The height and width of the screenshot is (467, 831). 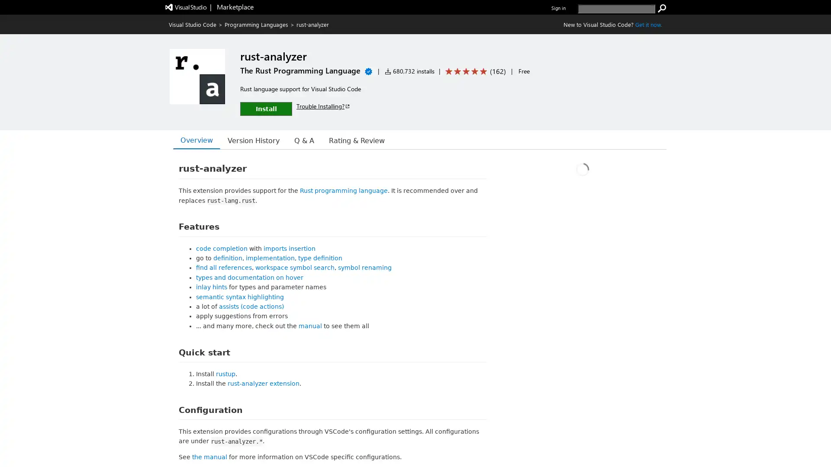 What do you see at coordinates (662, 8) in the screenshot?
I see `search` at bounding box center [662, 8].